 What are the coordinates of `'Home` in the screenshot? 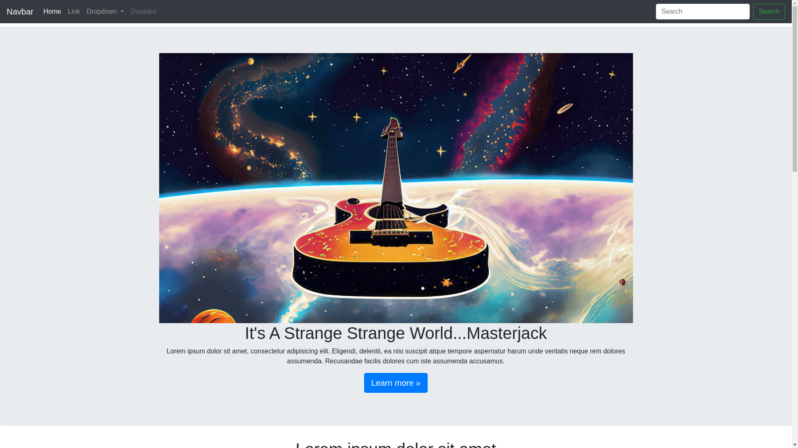 It's located at (52, 11).